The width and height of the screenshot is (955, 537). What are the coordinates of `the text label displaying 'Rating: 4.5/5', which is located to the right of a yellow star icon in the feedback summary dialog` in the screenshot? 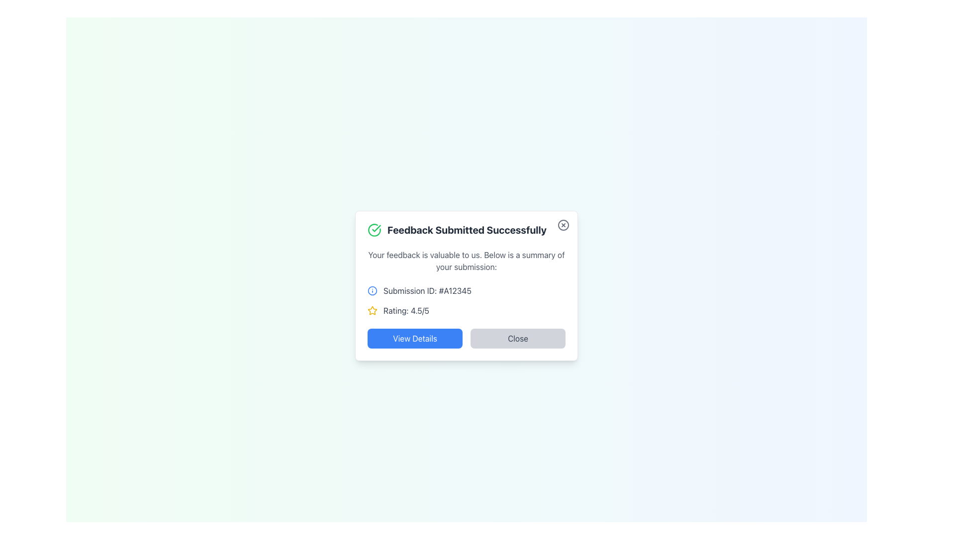 It's located at (406, 310).